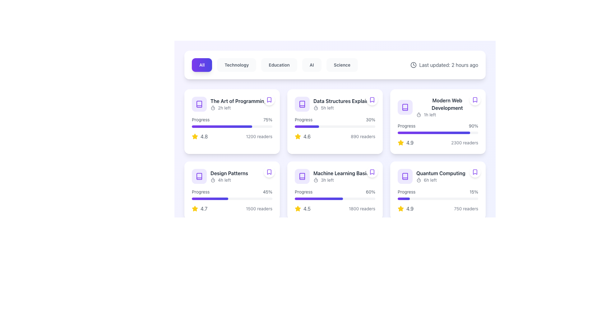 This screenshot has height=336, width=597. What do you see at coordinates (274, 65) in the screenshot?
I see `the education navigation tab, which is the third tab from the left in the tab group, to filter content by category` at bounding box center [274, 65].